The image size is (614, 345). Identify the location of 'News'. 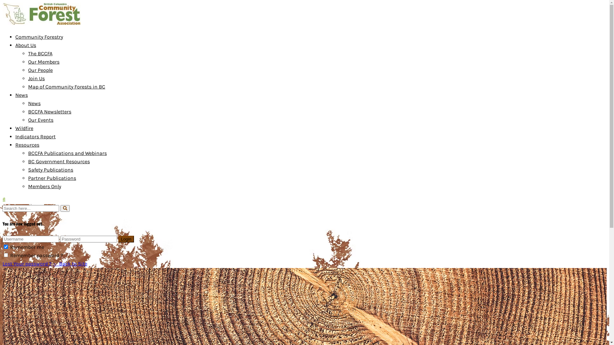
(34, 103).